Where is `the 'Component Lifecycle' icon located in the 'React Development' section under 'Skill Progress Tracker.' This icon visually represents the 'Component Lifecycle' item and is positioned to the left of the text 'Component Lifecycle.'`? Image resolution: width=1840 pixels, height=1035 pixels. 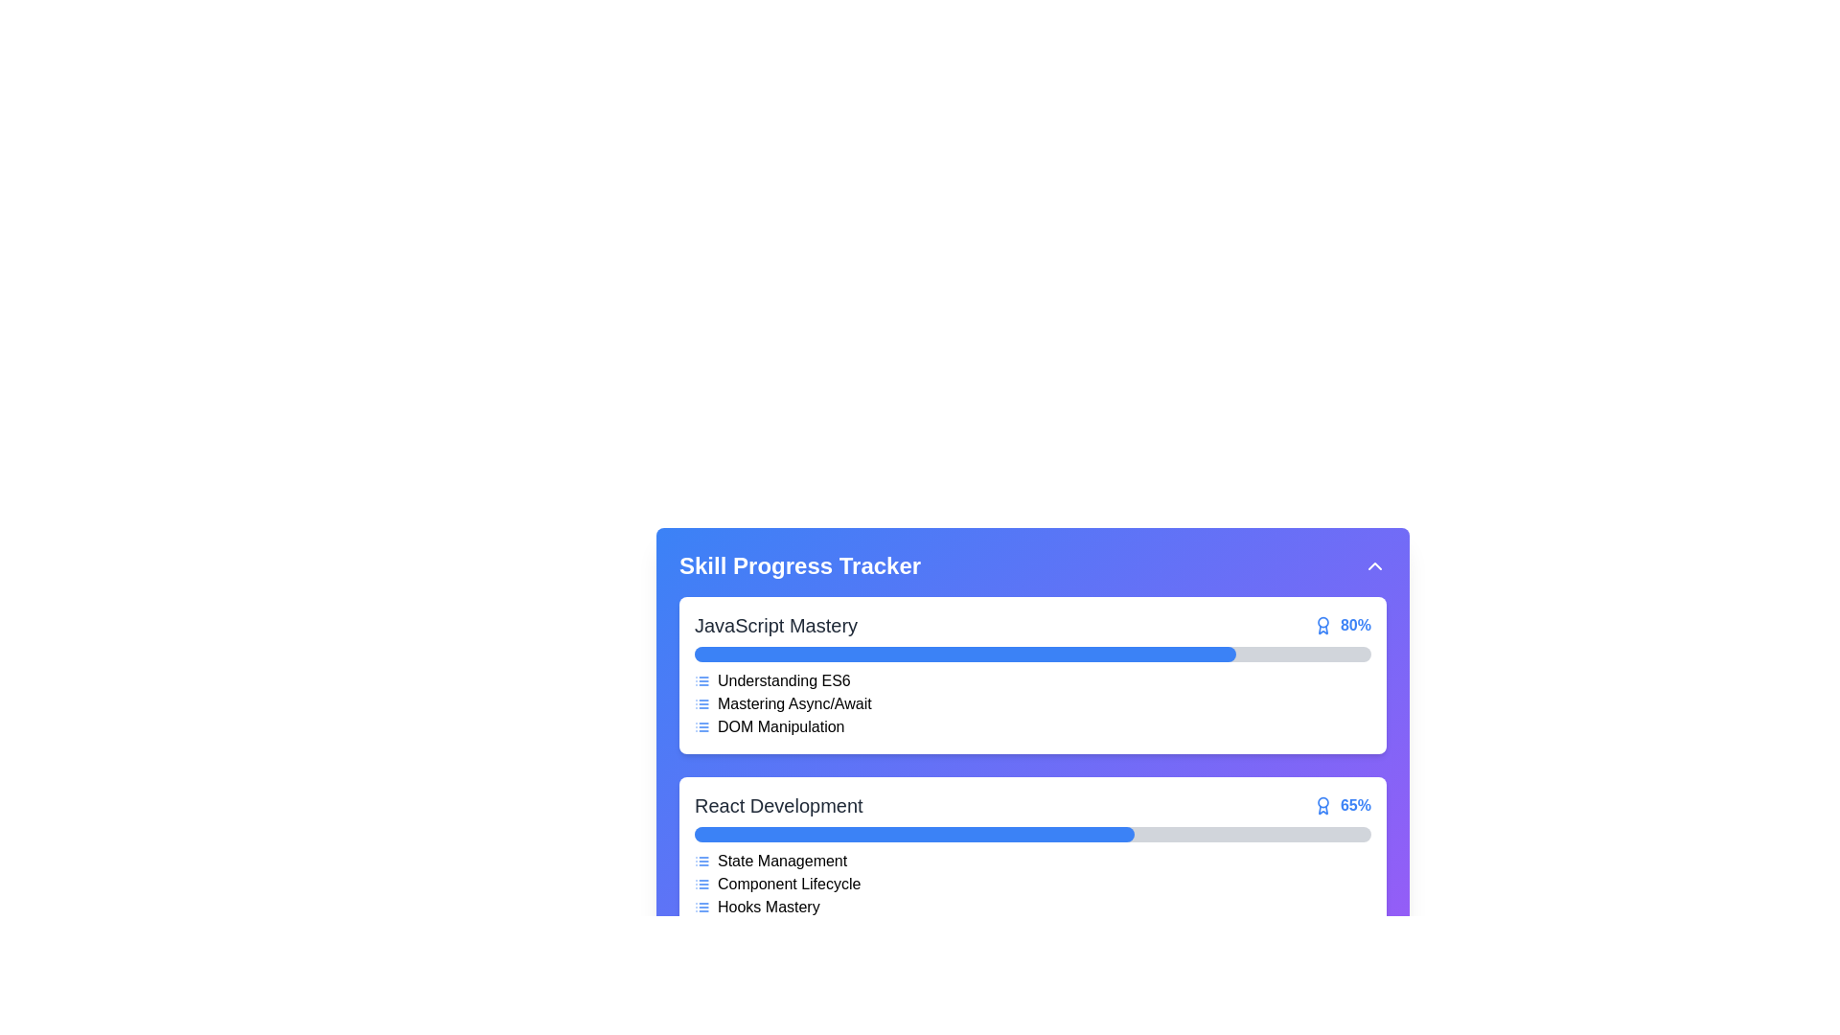
the 'Component Lifecycle' icon located in the 'React Development' section under 'Skill Progress Tracker.' This icon visually represents the 'Component Lifecycle' item and is positioned to the left of the text 'Component Lifecycle.' is located at coordinates (701, 884).